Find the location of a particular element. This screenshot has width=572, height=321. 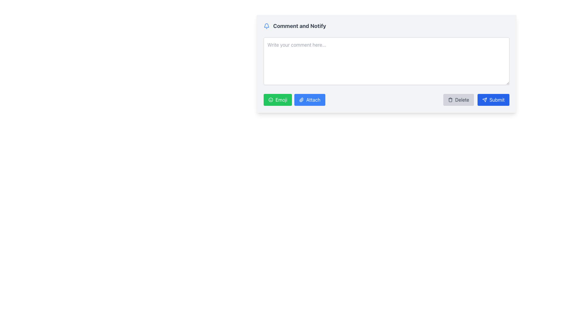

the 'Delete' button located at the bottom of the comment interface, which features a trash can icon to the left of the text 'Delete' is located at coordinates (458, 99).